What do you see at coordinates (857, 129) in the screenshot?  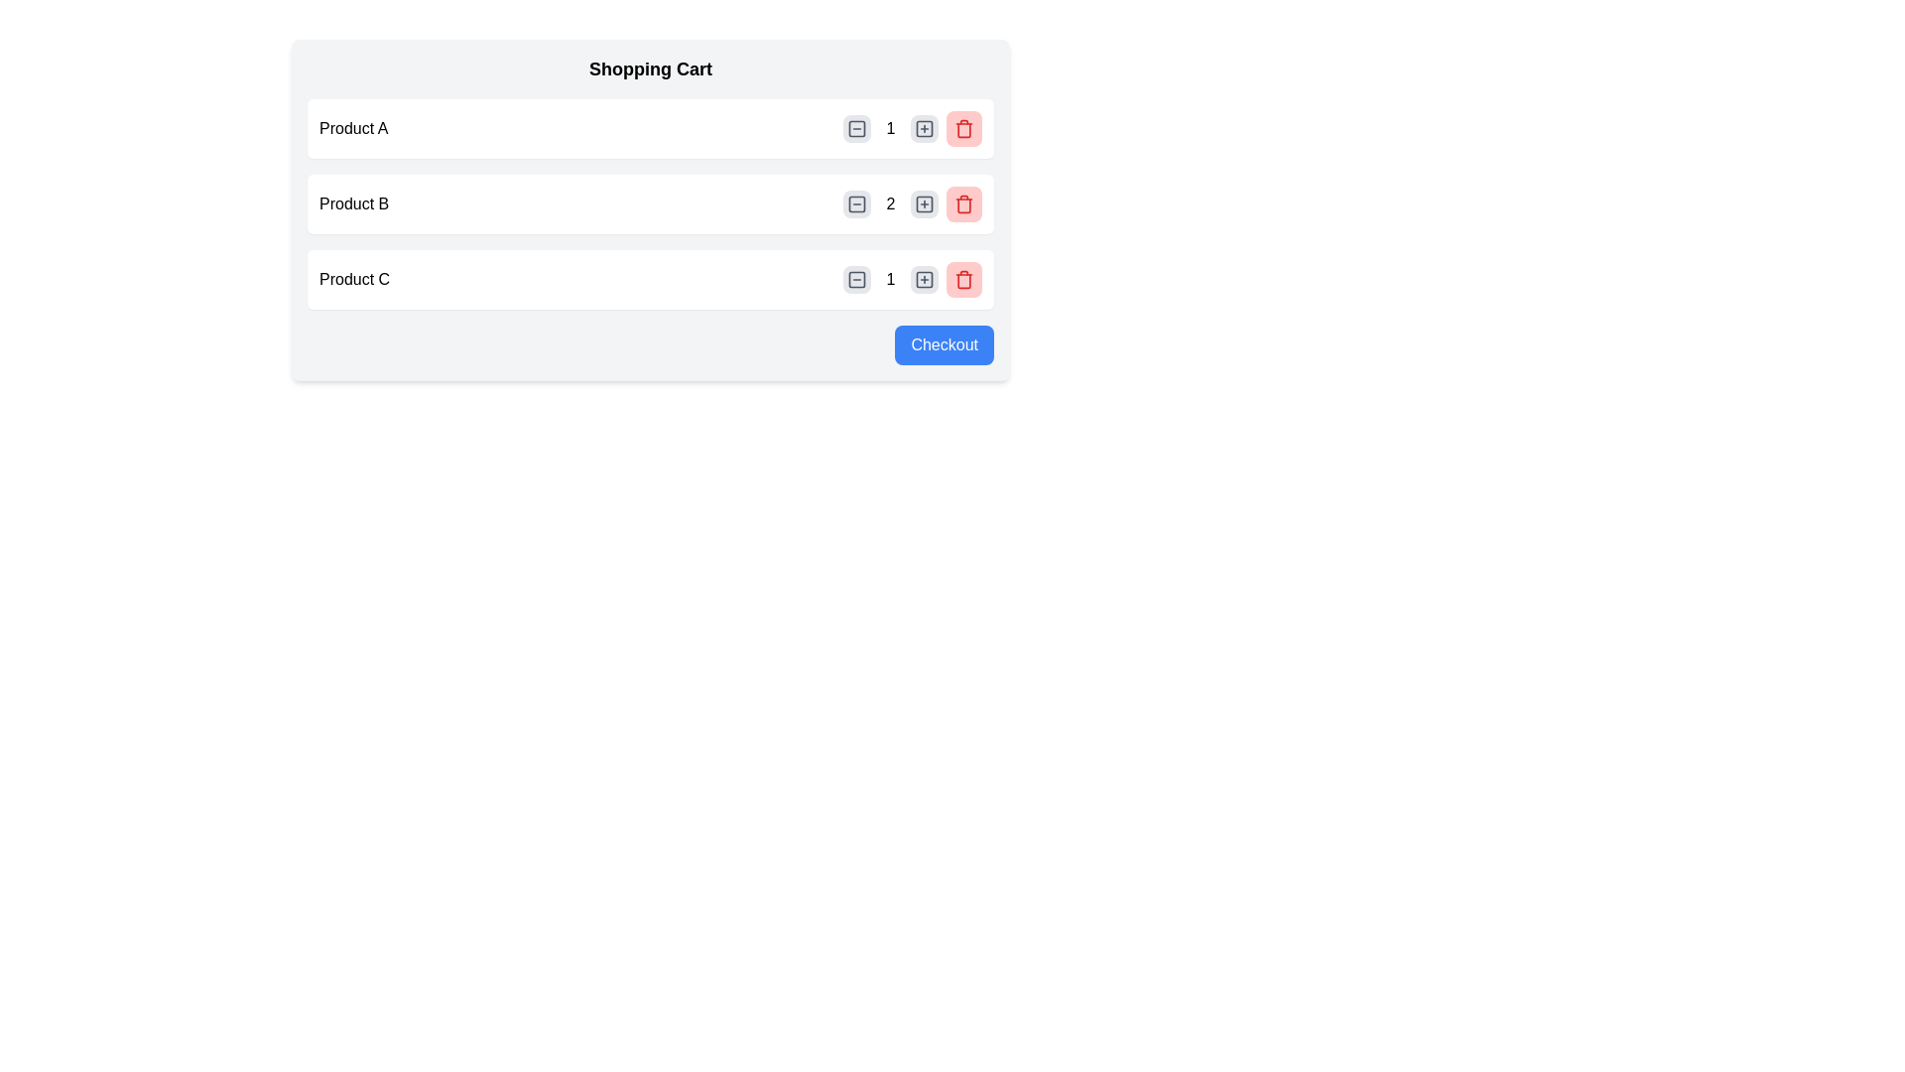 I see `the square button with rounded corners and a minus icon located in the shopping cart interface to reduce the quantity of the first product` at bounding box center [857, 129].